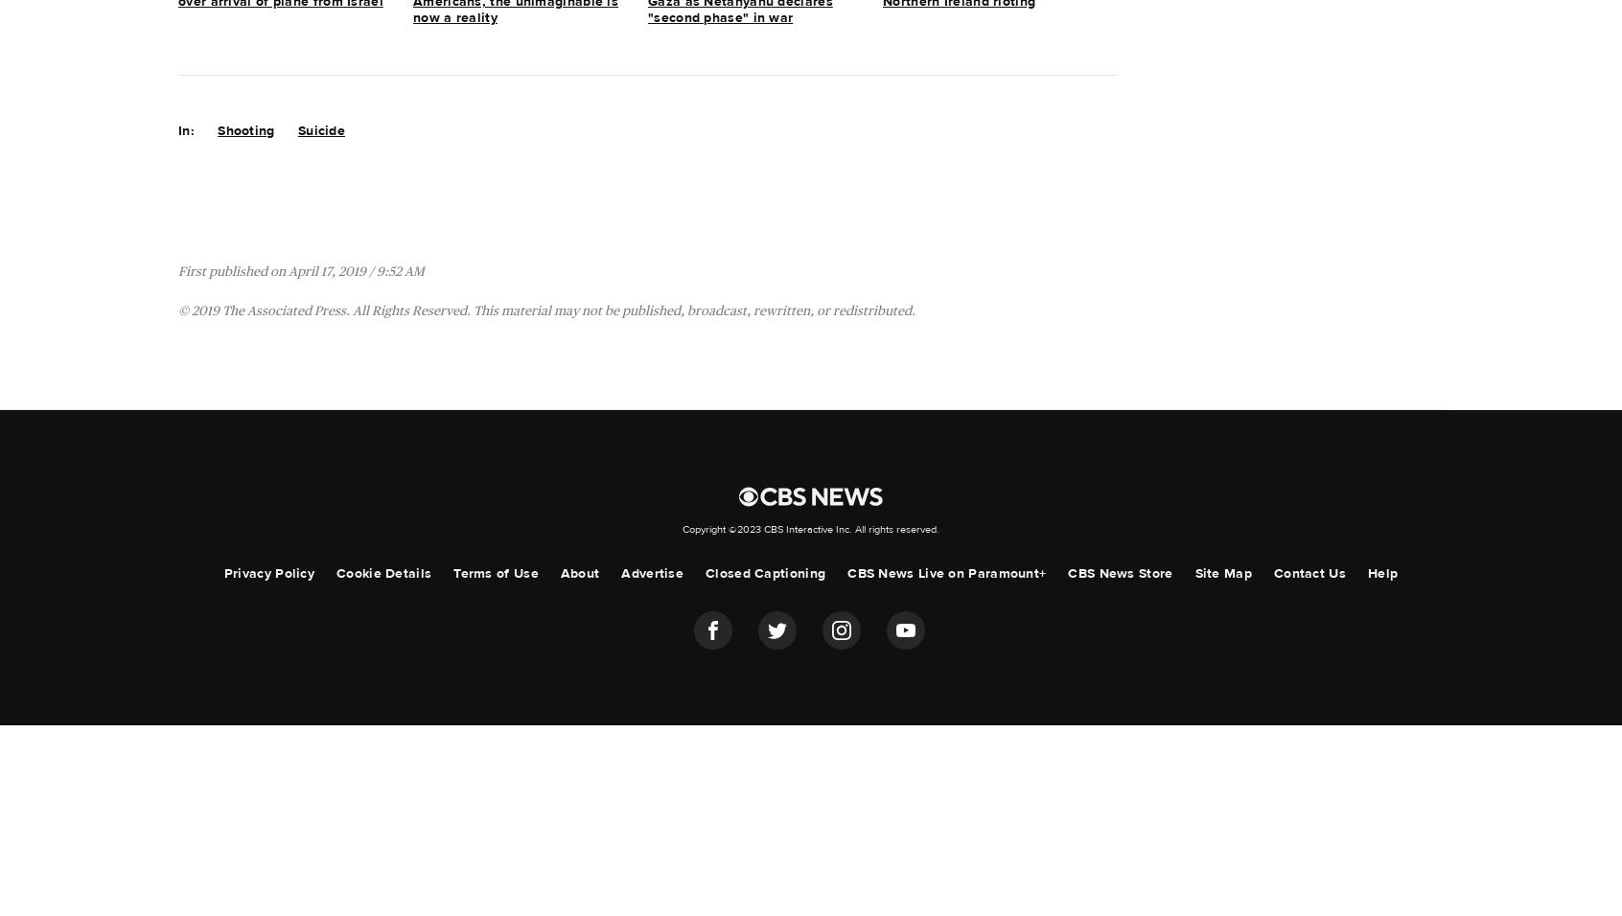  What do you see at coordinates (1221, 574) in the screenshot?
I see `'Site Map'` at bounding box center [1221, 574].